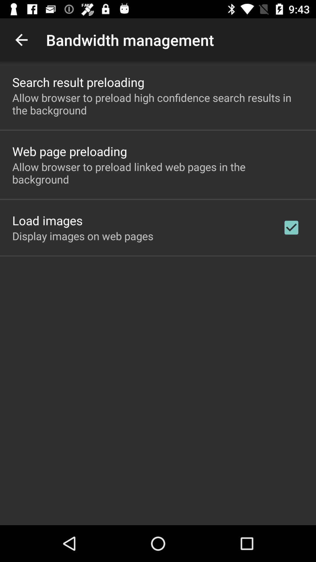 This screenshot has width=316, height=562. Describe the element at coordinates (21, 40) in the screenshot. I see `item above search result preloading icon` at that location.